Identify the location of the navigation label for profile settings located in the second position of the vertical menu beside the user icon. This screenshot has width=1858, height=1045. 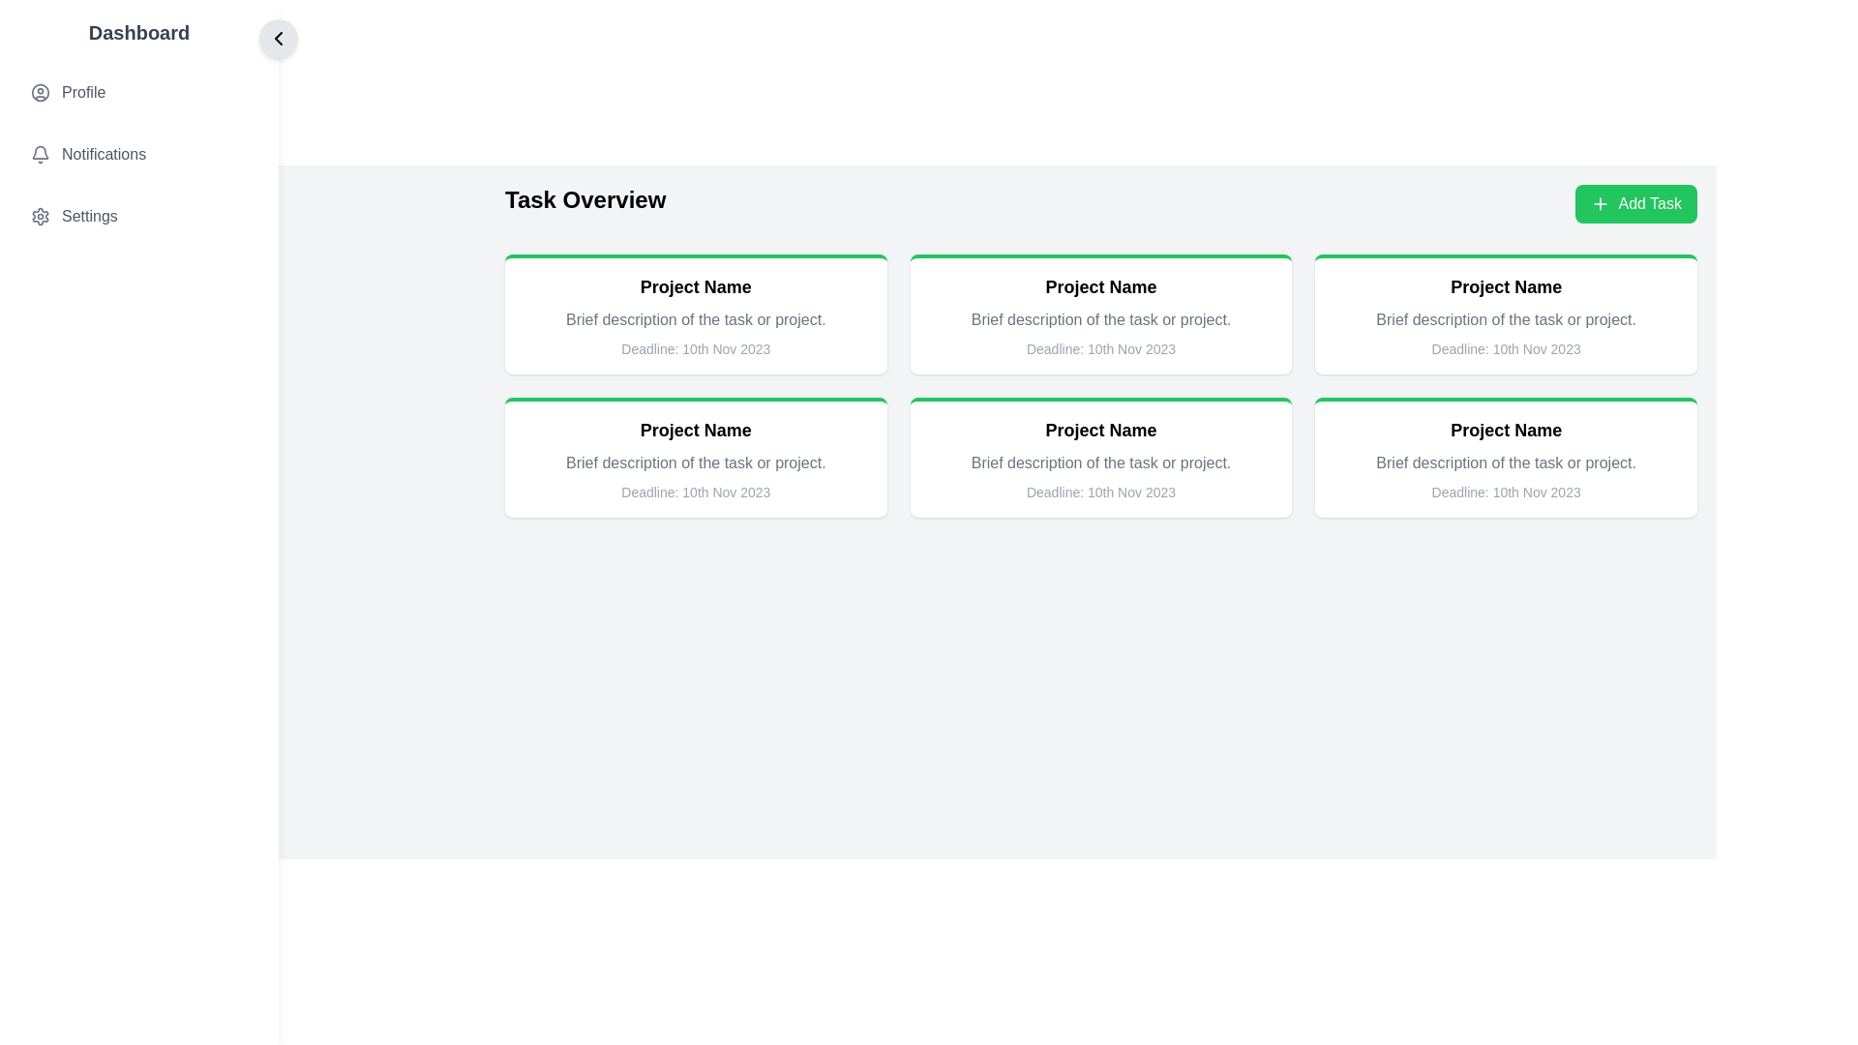
(82, 93).